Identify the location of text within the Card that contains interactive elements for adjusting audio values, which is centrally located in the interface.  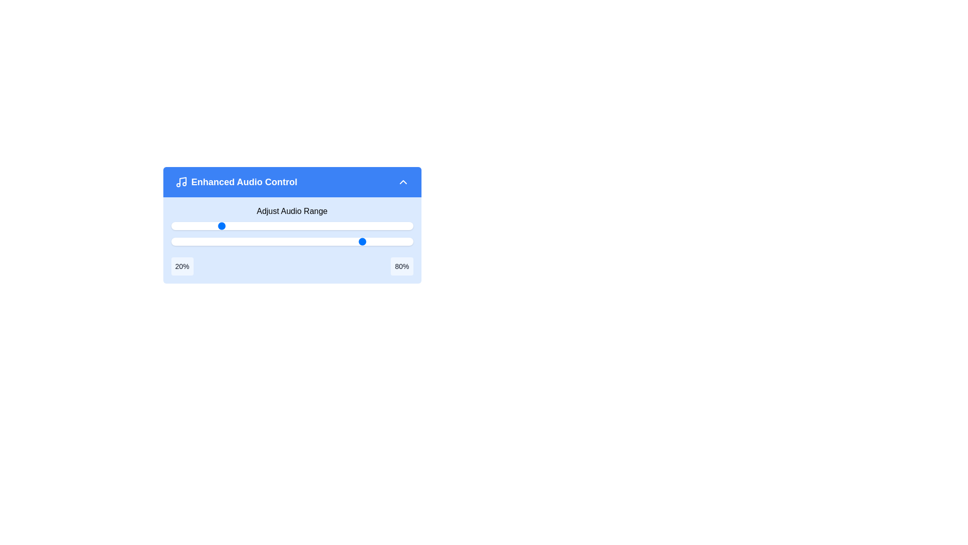
(291, 227).